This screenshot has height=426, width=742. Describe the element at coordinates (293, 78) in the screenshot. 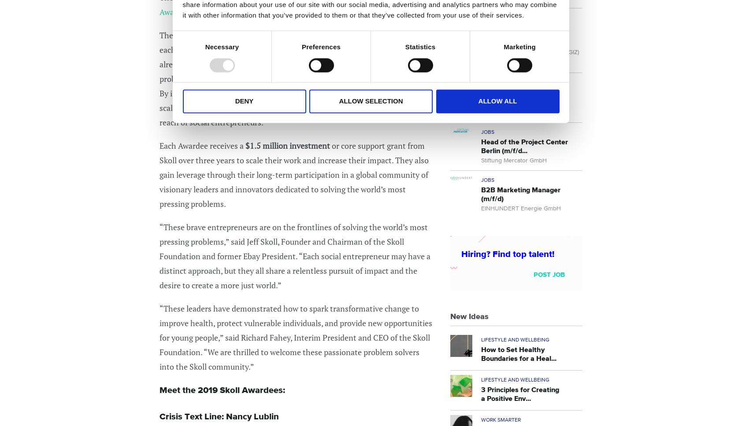

I see `'The Skoll Foundation presents the Skoll Awards for Social Entrepreneurship each year to a select group of social entrepreneurs whose innovations have already had significant, proven impact on some of the world’s most pressing problems, and invests directly in the promise of even greater impact at scale. By investing in organizations when an innovation is ripe for accelerated and scaled adoption, the Skoll Awards help unleash the full global potential and reach of social entrepreneurs.'` at that location.